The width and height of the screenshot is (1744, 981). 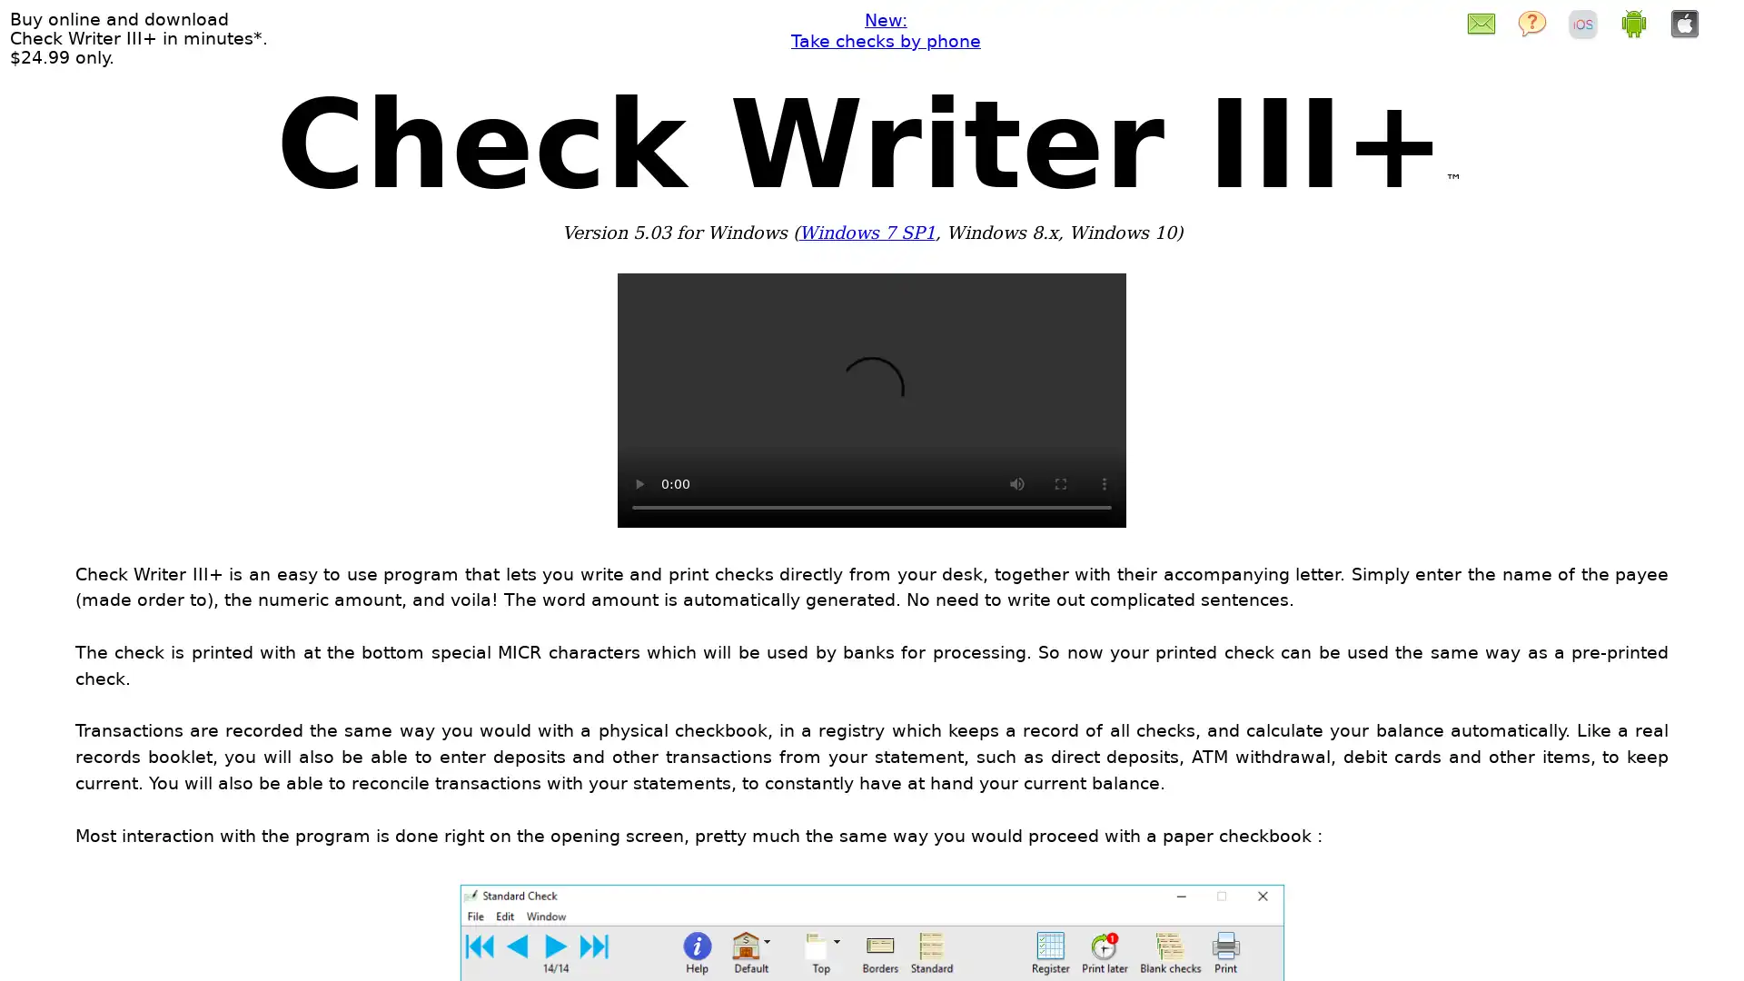 What do you see at coordinates (639, 482) in the screenshot?
I see `play` at bounding box center [639, 482].